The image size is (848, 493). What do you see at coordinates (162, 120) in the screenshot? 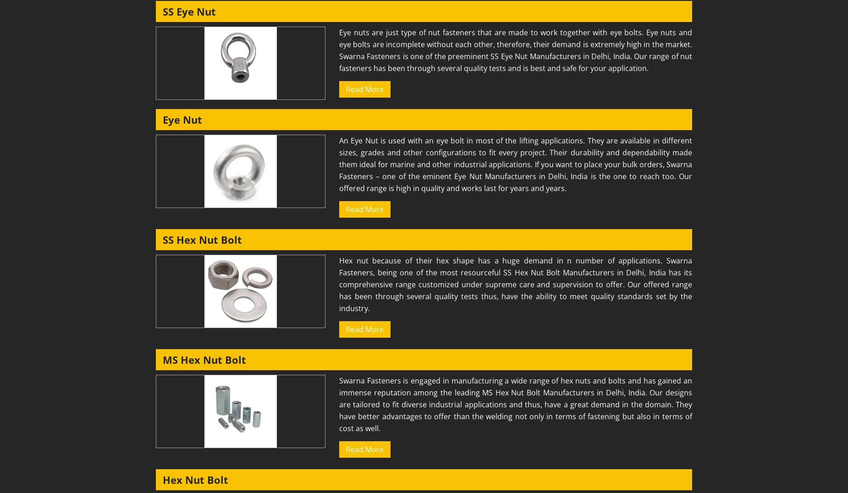
I see `'Eye Nut'` at bounding box center [162, 120].